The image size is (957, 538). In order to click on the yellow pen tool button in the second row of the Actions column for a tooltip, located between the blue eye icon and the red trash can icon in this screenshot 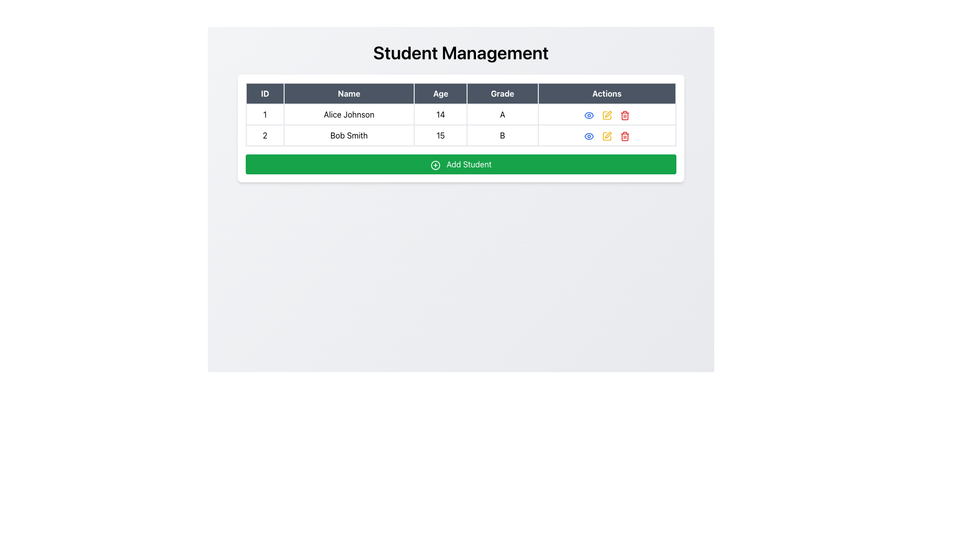, I will do `click(606, 135)`.